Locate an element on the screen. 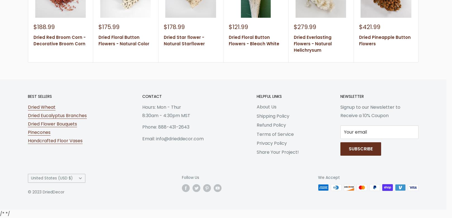 Image resolution: width=452 pixels, height=218 pixels. 'Follow Us' is located at coordinates (190, 177).